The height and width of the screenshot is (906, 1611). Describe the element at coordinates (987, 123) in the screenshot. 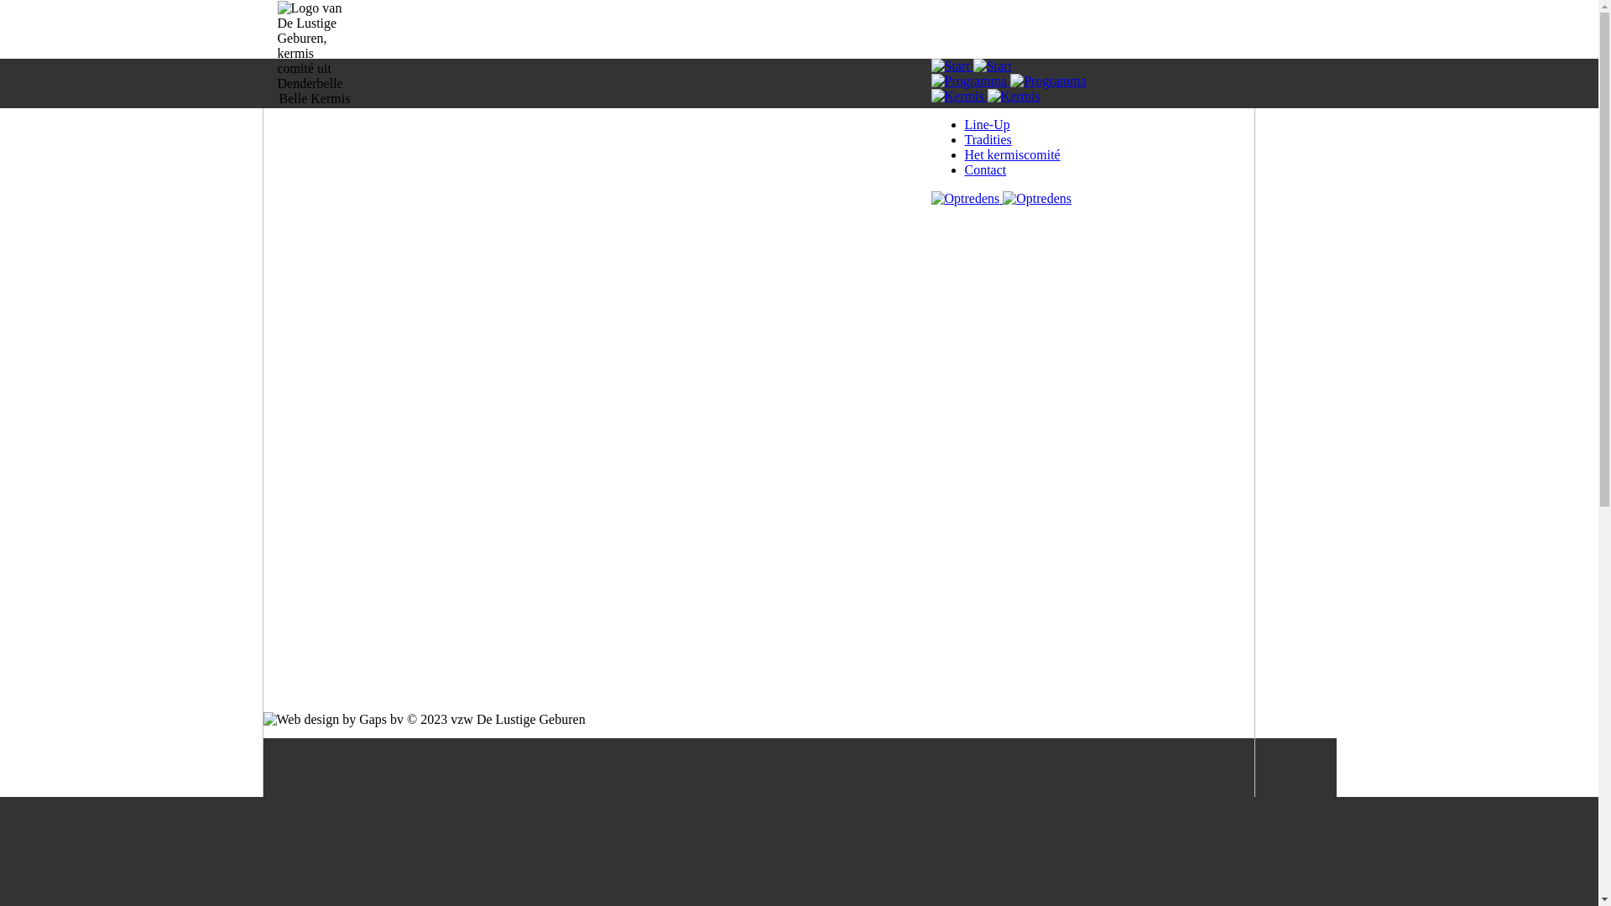

I see `'Line-Up'` at that location.